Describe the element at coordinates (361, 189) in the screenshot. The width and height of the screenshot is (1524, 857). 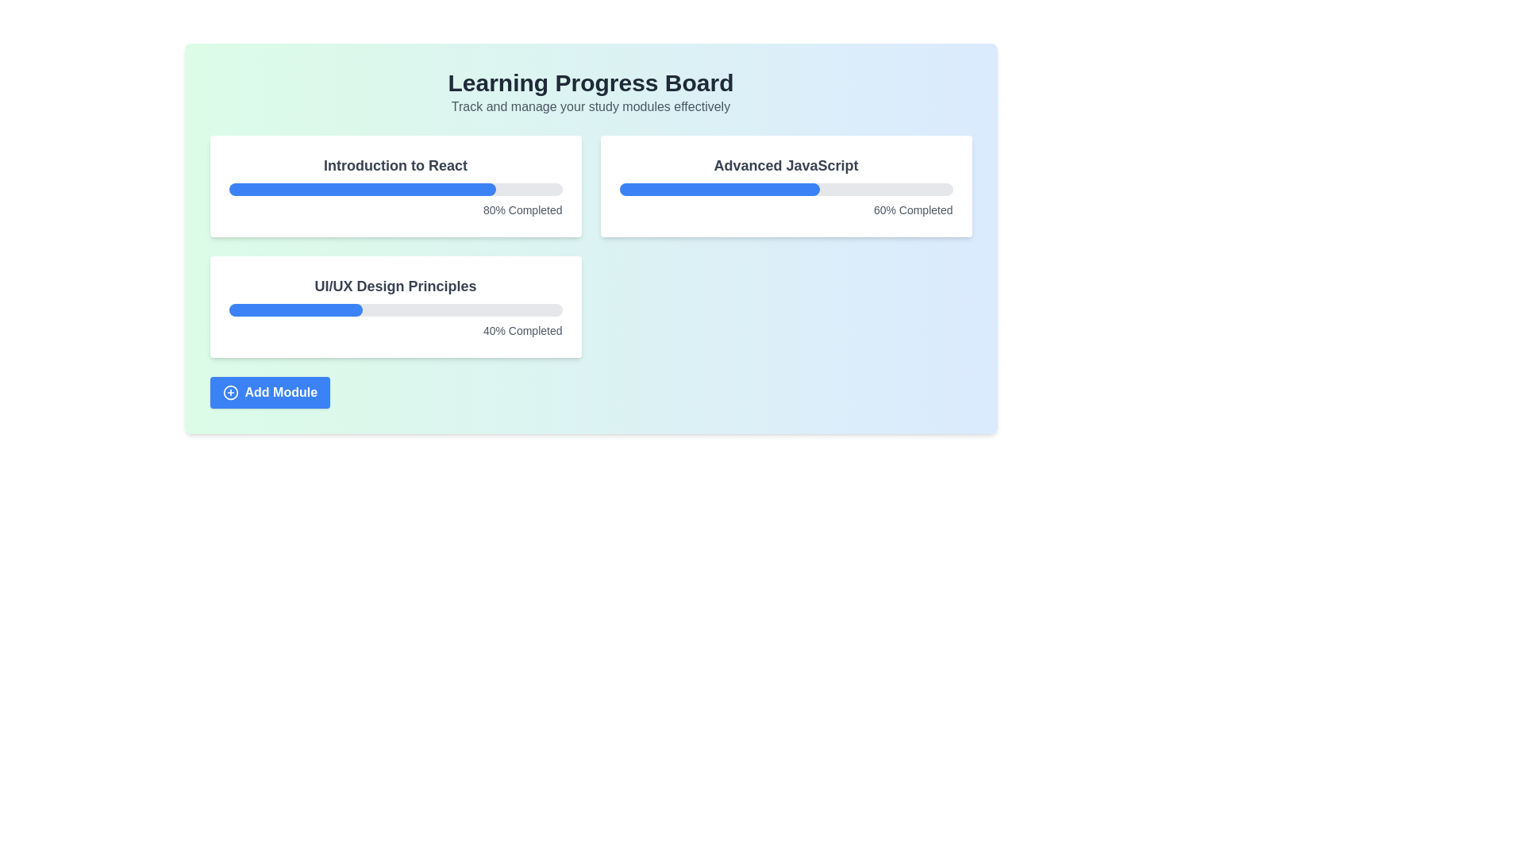
I see `the non-interactive progress bar indicator located underneath the title 'Introduction to React', which visually represents the current progress of an activity` at that location.